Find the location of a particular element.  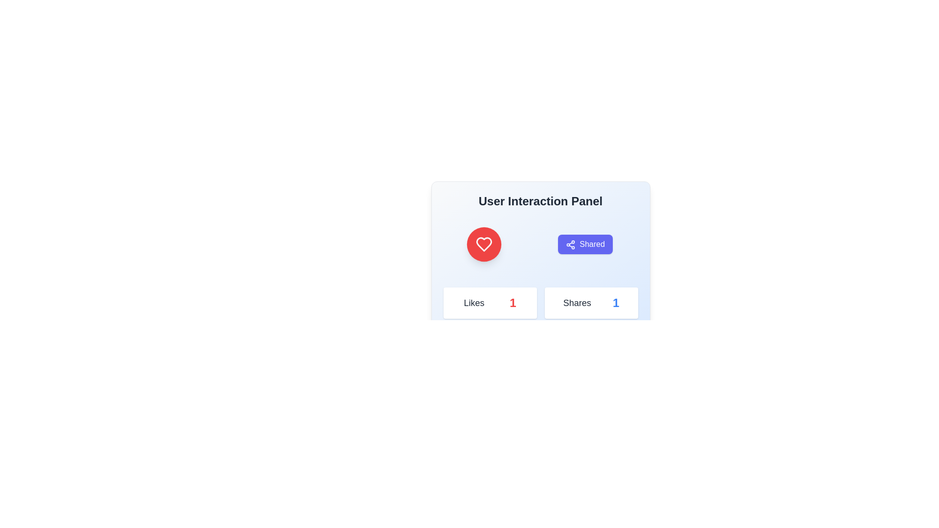

the Information display card that shows 'Likes' with a numeric value '1' in red, bold text, located below the 'User Interaction Panel' header is located at coordinates (490, 303).